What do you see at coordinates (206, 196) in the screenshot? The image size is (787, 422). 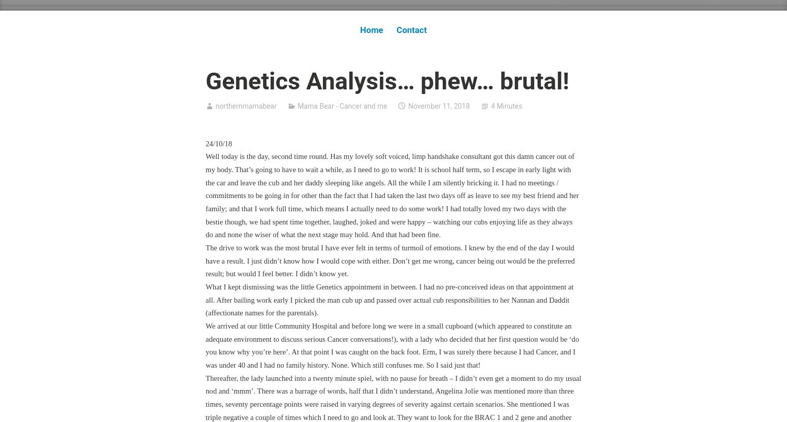 I see `'Well today is the day, second time round. Has my lovely soft voiced, limp handshake consultant got this damn cancer out of my body. That’s going to have to wait a while, as I need to go to work! It is school half term, so I escape in early light with the car and leave the cub and her daddy sleeping like angels. All the while I am silently bricking it. I had no meetings / commitments to be going in for other than the fact that I had taken the last two days off as leave to see my best friend and her family; and that I work full time, which means I actually need to do some work! I had totally loved my two days with the bestie though, we had spent time together, laughed, joked and were happy – watching our cubs enjoying life as they always do and none the wiser of what the next stage may hold. And that had been fine.'` at bounding box center [206, 196].